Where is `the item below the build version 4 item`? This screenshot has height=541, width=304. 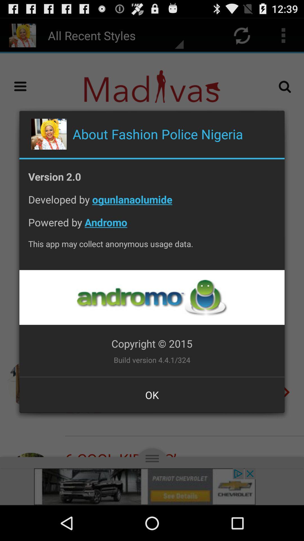 the item below the build version 4 item is located at coordinates (152, 394).